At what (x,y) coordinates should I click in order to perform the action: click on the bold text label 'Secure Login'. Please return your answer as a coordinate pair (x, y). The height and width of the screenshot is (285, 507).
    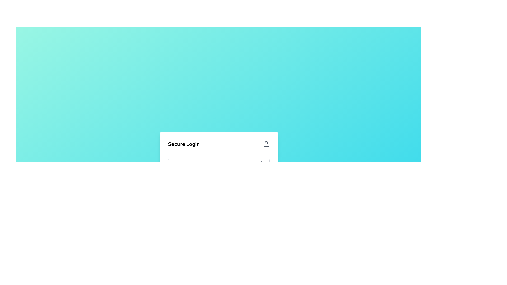
    Looking at the image, I should click on (184, 144).